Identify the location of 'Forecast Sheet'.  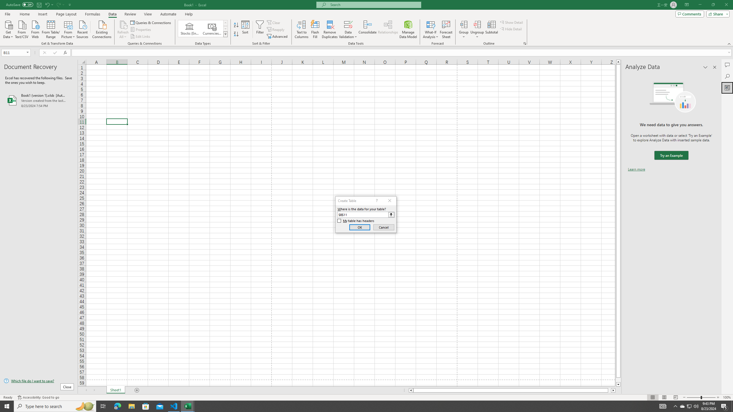
(446, 29).